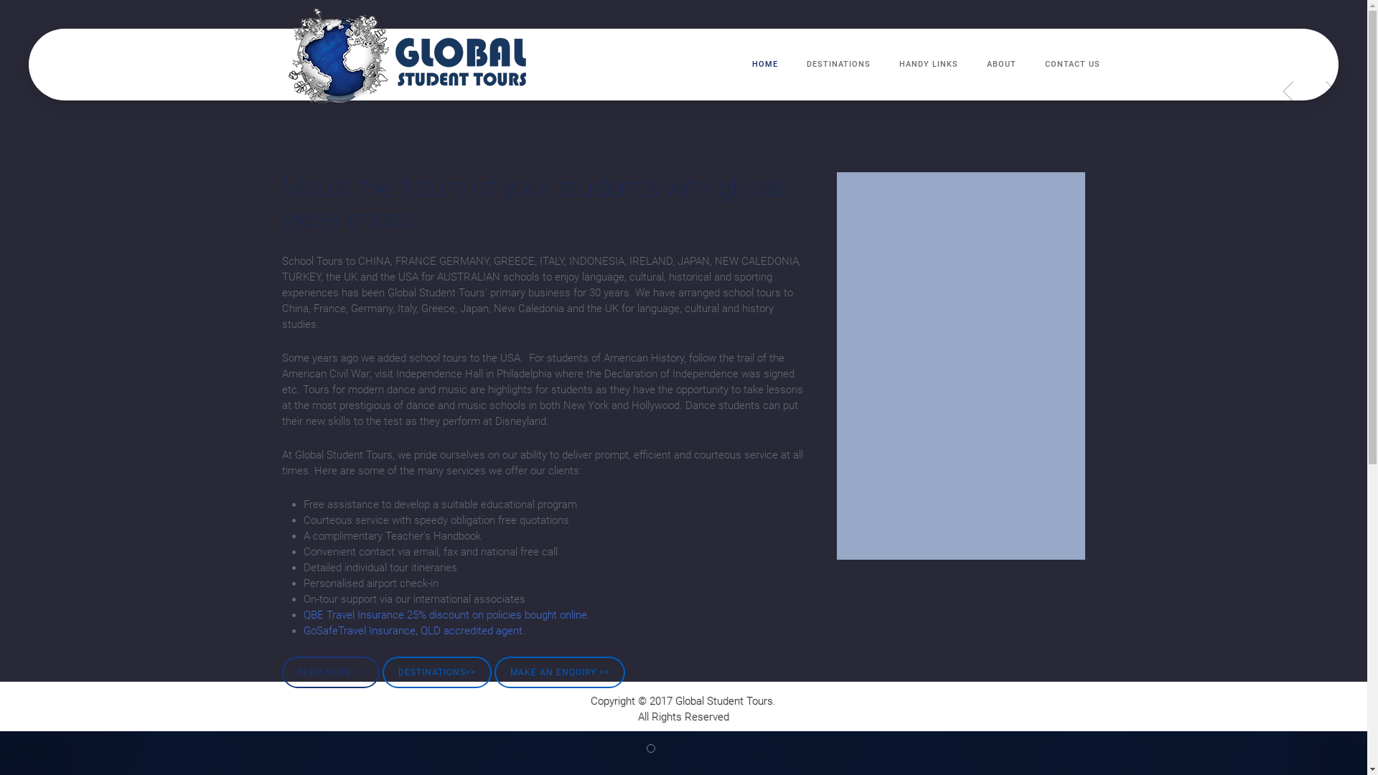 This screenshot has height=775, width=1378. What do you see at coordinates (329, 672) in the screenshot?
I see `'READ MORE >>'` at bounding box center [329, 672].